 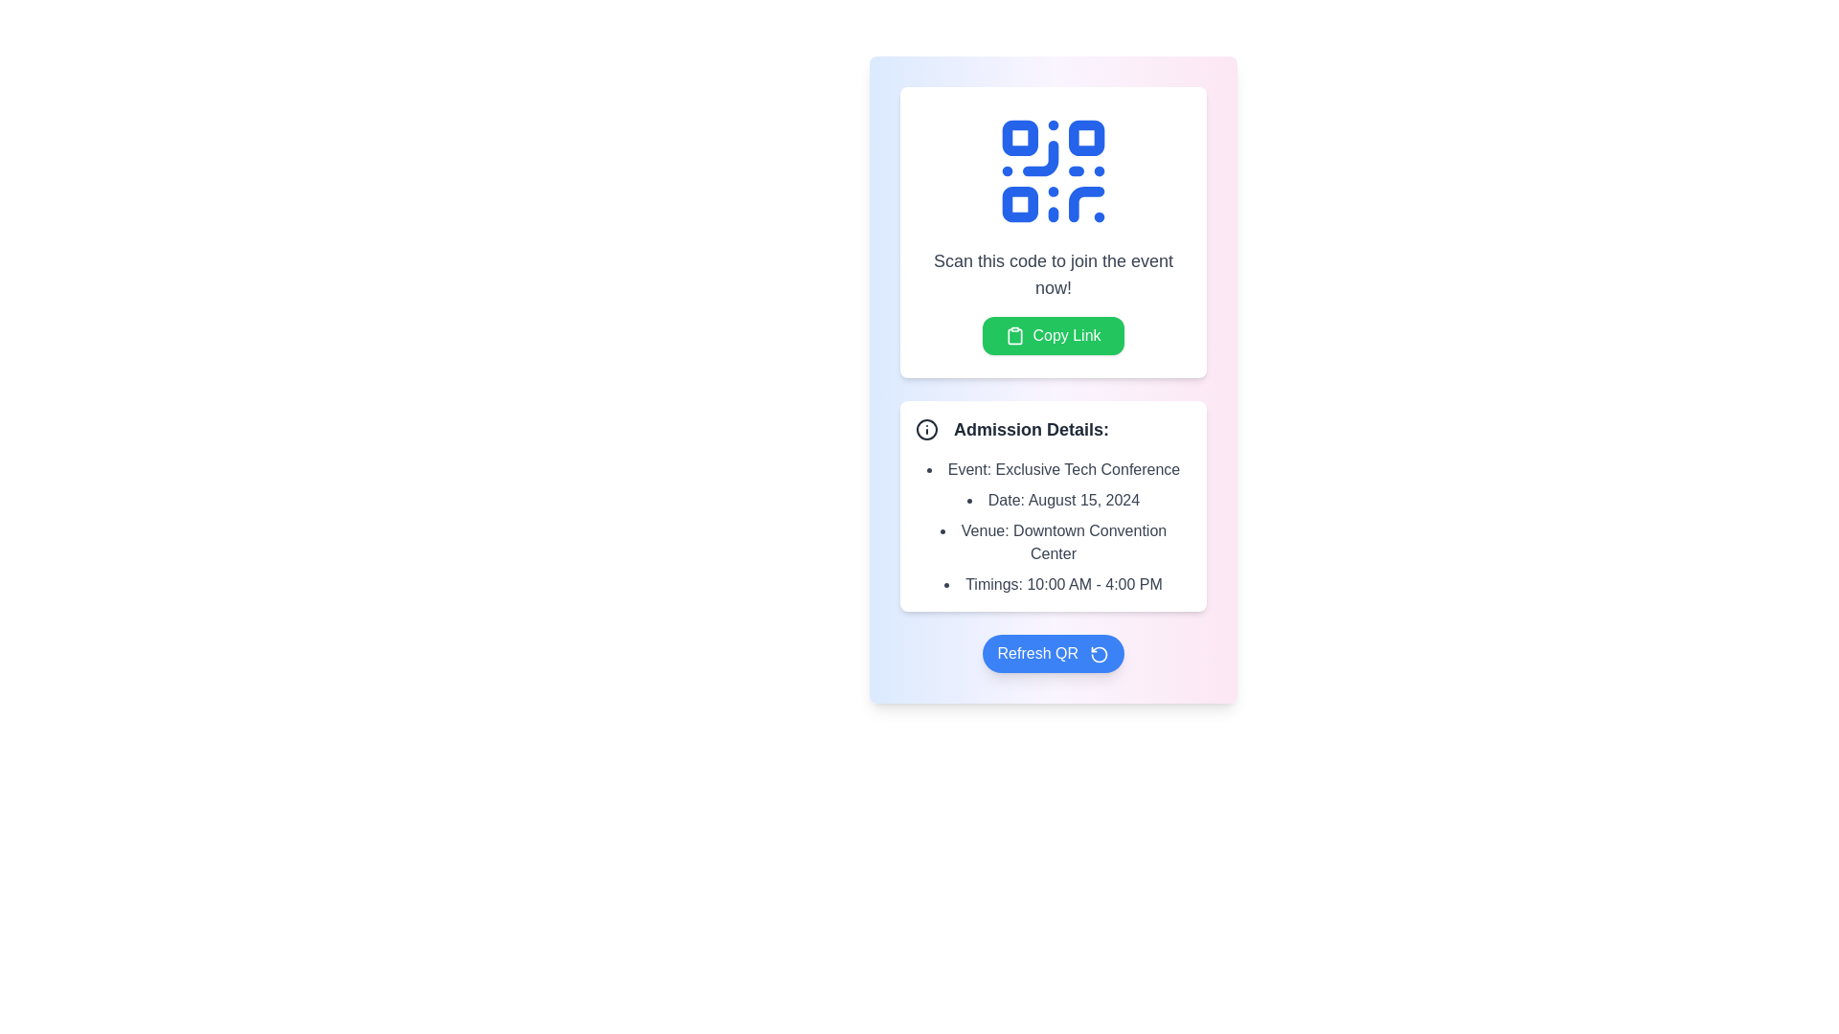 What do you see at coordinates (994, 583) in the screenshot?
I see `the Text label indicating the timing information for the event, located in the fourth bullet point of the 'Admission Details' section` at bounding box center [994, 583].